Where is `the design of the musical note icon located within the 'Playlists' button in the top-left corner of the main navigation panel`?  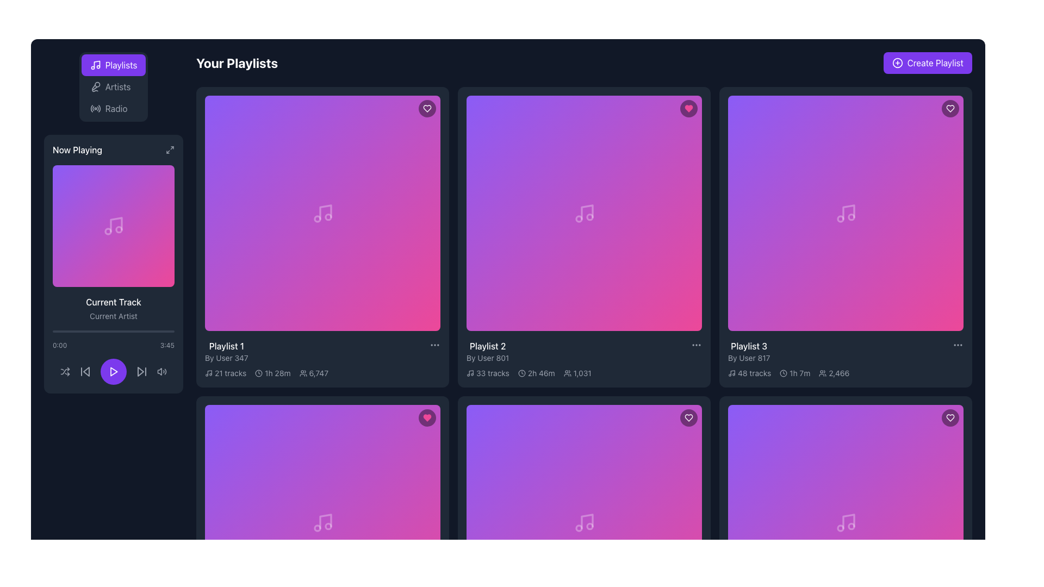
the design of the musical note icon located within the 'Playlists' button in the top-left corner of the main navigation panel is located at coordinates (95, 65).